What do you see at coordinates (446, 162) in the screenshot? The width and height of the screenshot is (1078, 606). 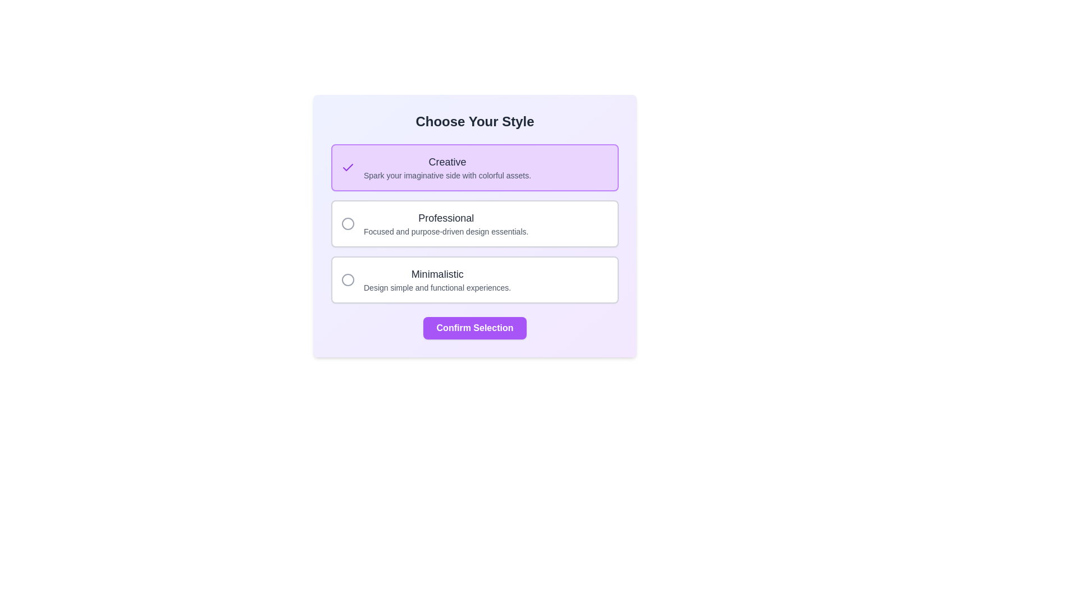 I see `the 'Creative' text label which serves as the title for the style selection interface` at bounding box center [446, 162].